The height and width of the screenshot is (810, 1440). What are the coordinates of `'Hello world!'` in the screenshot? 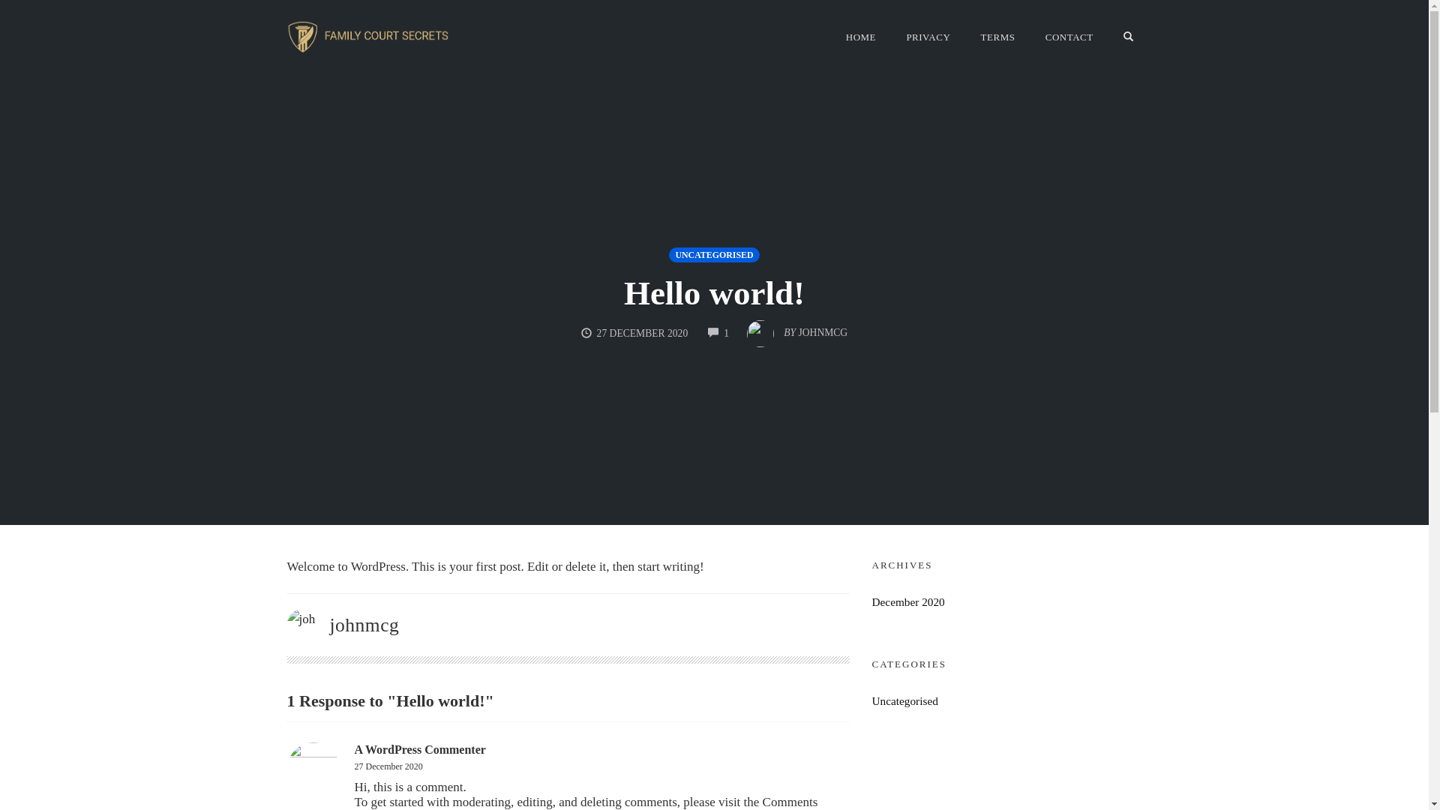 It's located at (713, 292).